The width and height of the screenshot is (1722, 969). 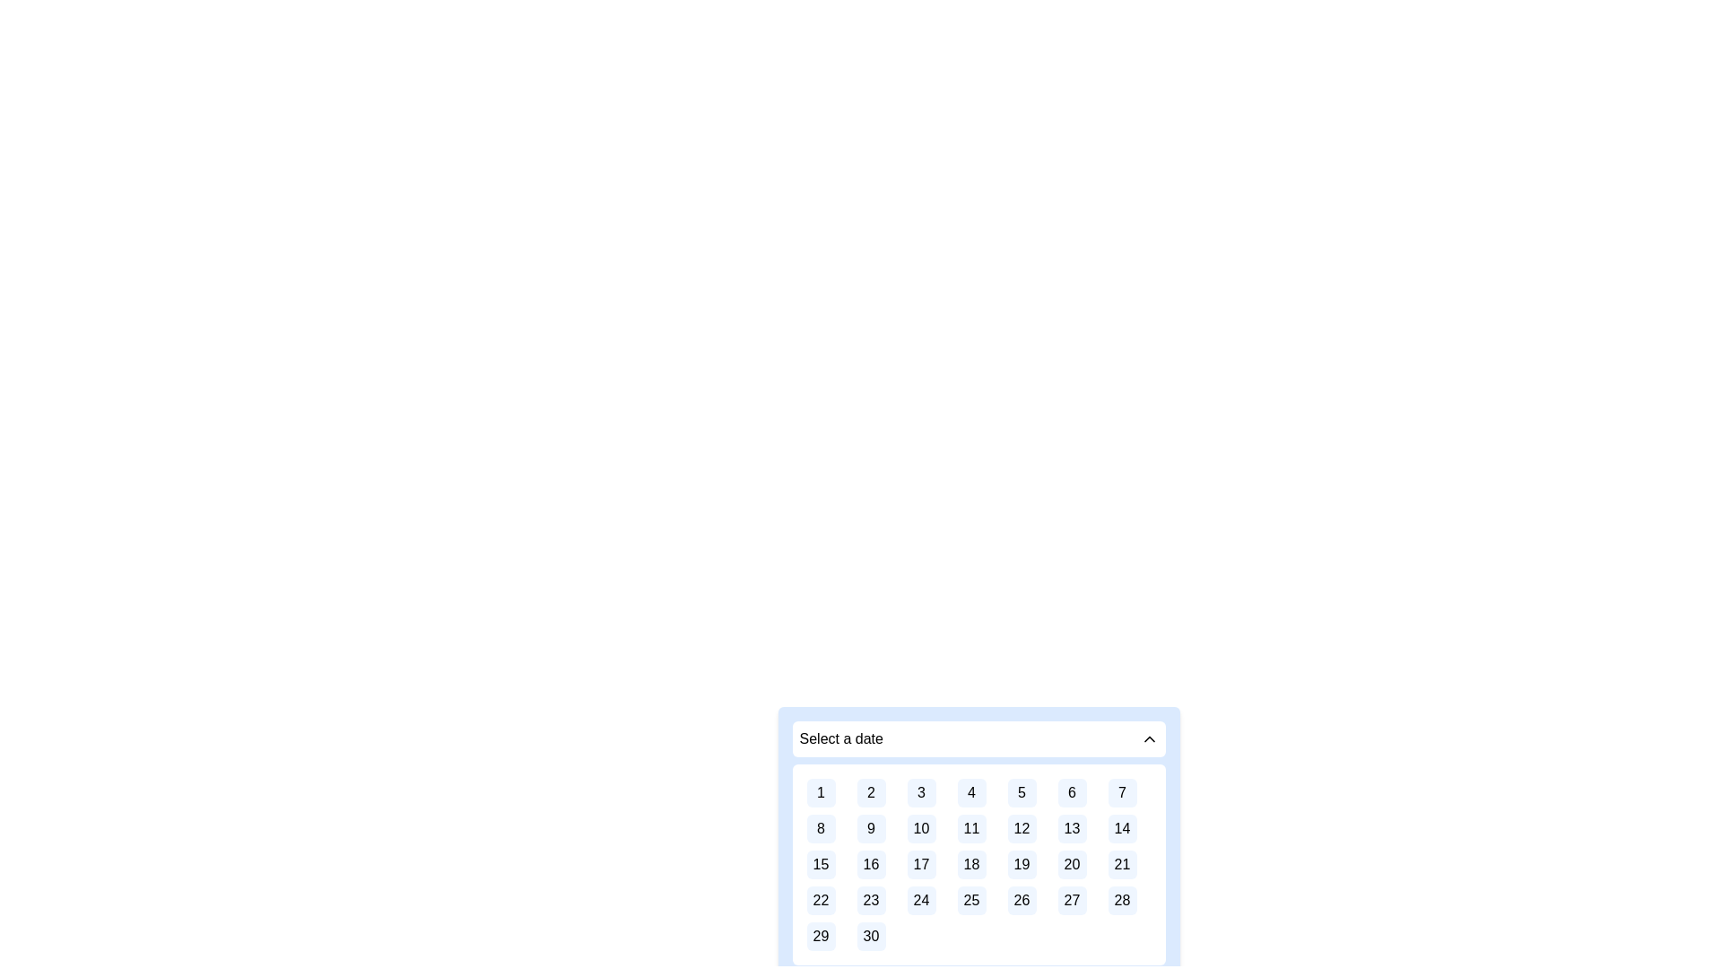 I want to click on the button representing the 18th day of the month in the calendar interface, so click(x=970, y=864).